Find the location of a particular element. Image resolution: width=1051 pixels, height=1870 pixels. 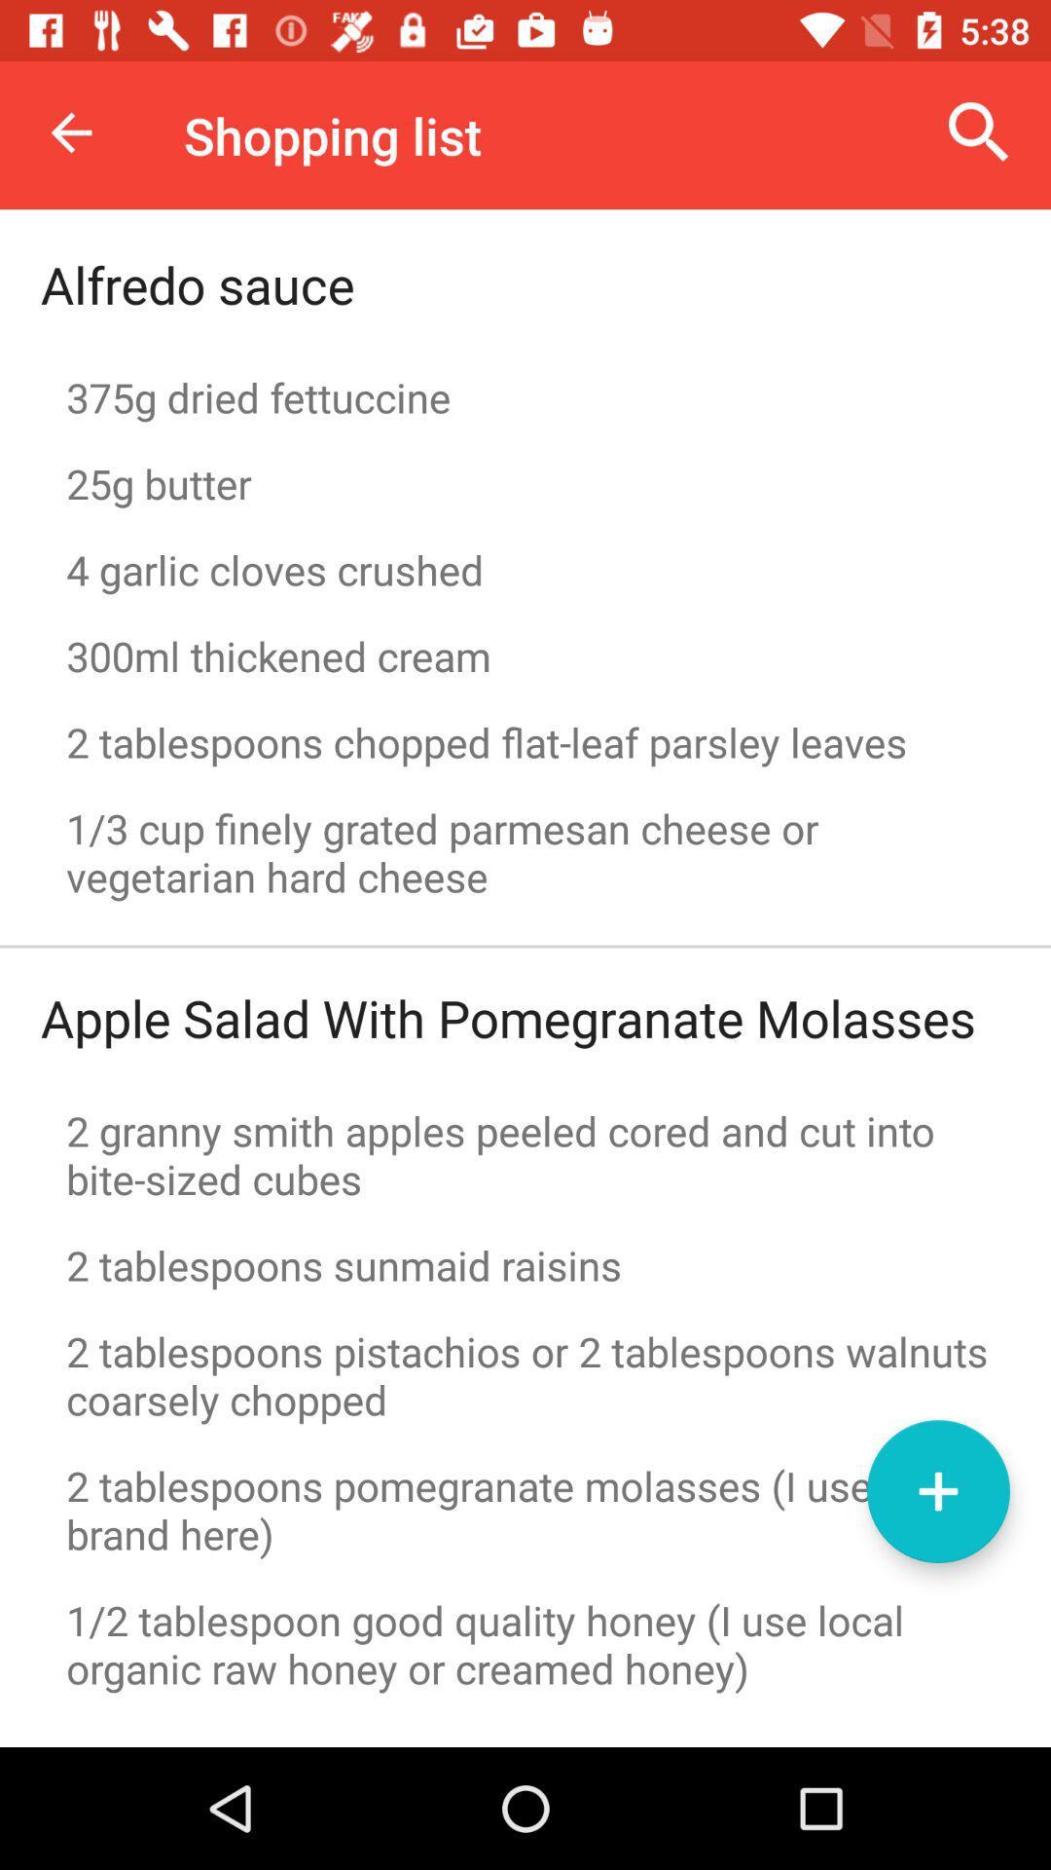

the icon above the 300ml thickened cream item is located at coordinates (525, 569).